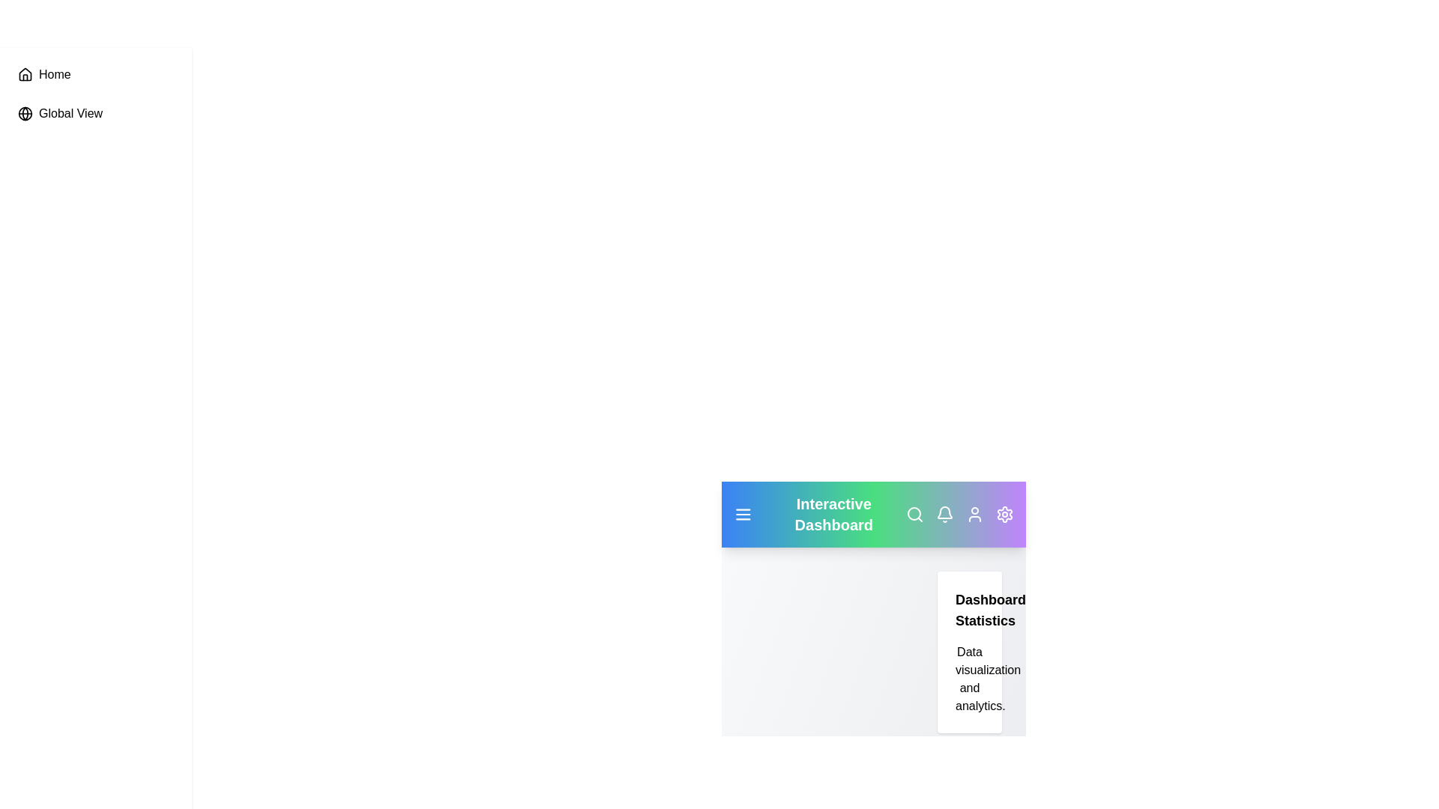 The height and width of the screenshot is (809, 1439). Describe the element at coordinates (95, 75) in the screenshot. I see `the 'Home' item in the sidebar to navigate to the 'Home' section` at that location.